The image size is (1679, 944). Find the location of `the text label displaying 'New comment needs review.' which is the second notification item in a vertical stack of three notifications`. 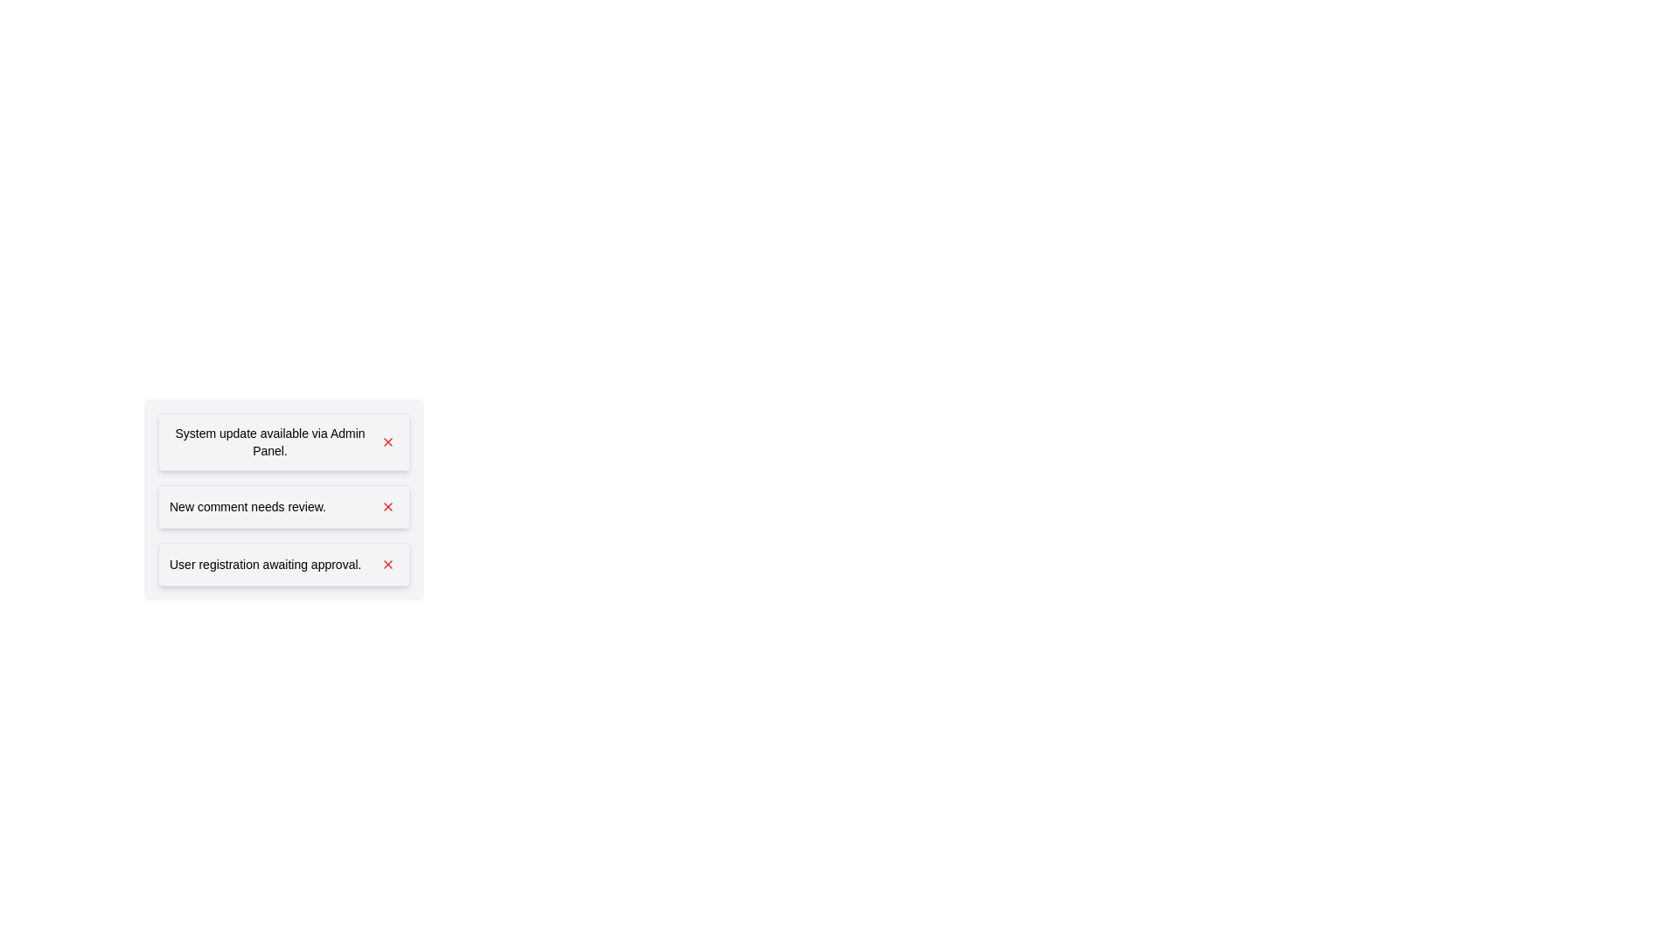

the text label displaying 'New comment needs review.' which is the second notification item in a vertical stack of three notifications is located at coordinates (247, 506).